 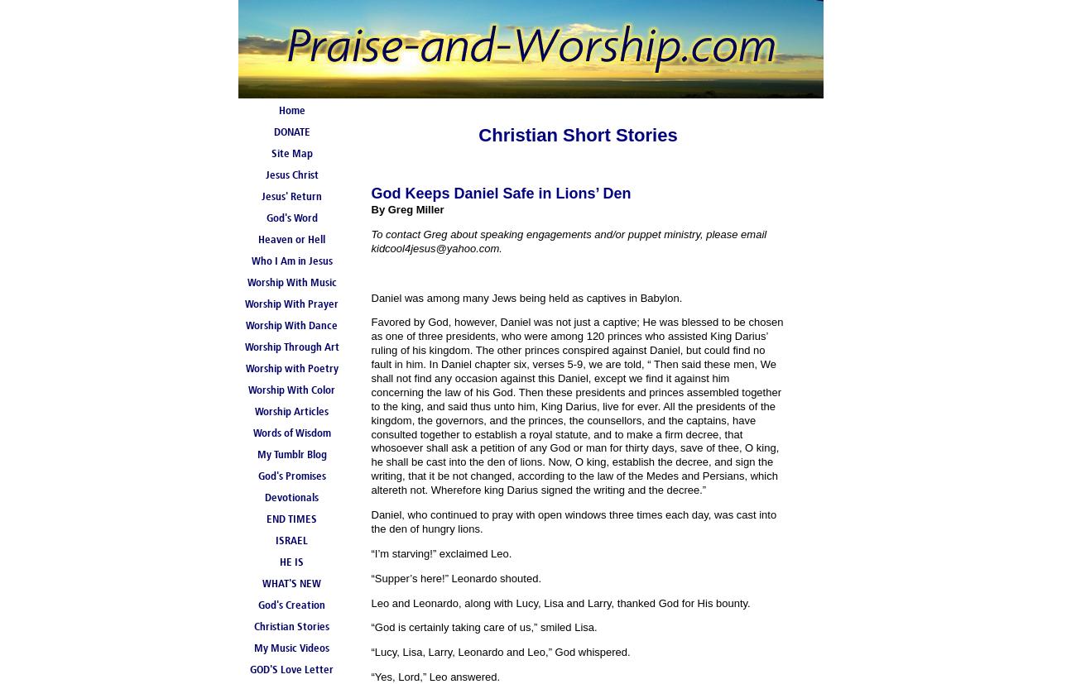 What do you see at coordinates (407, 208) in the screenshot?
I see `'By Greg Miller'` at bounding box center [407, 208].